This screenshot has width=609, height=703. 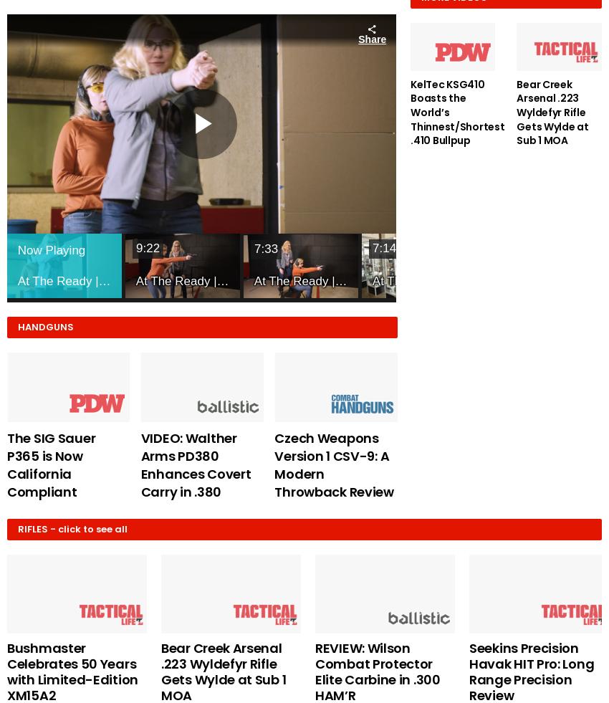 I want to click on 'At The Ready | Season 2 | Episode 5: Cover/Concealment/Barriers', so click(x=196, y=279).